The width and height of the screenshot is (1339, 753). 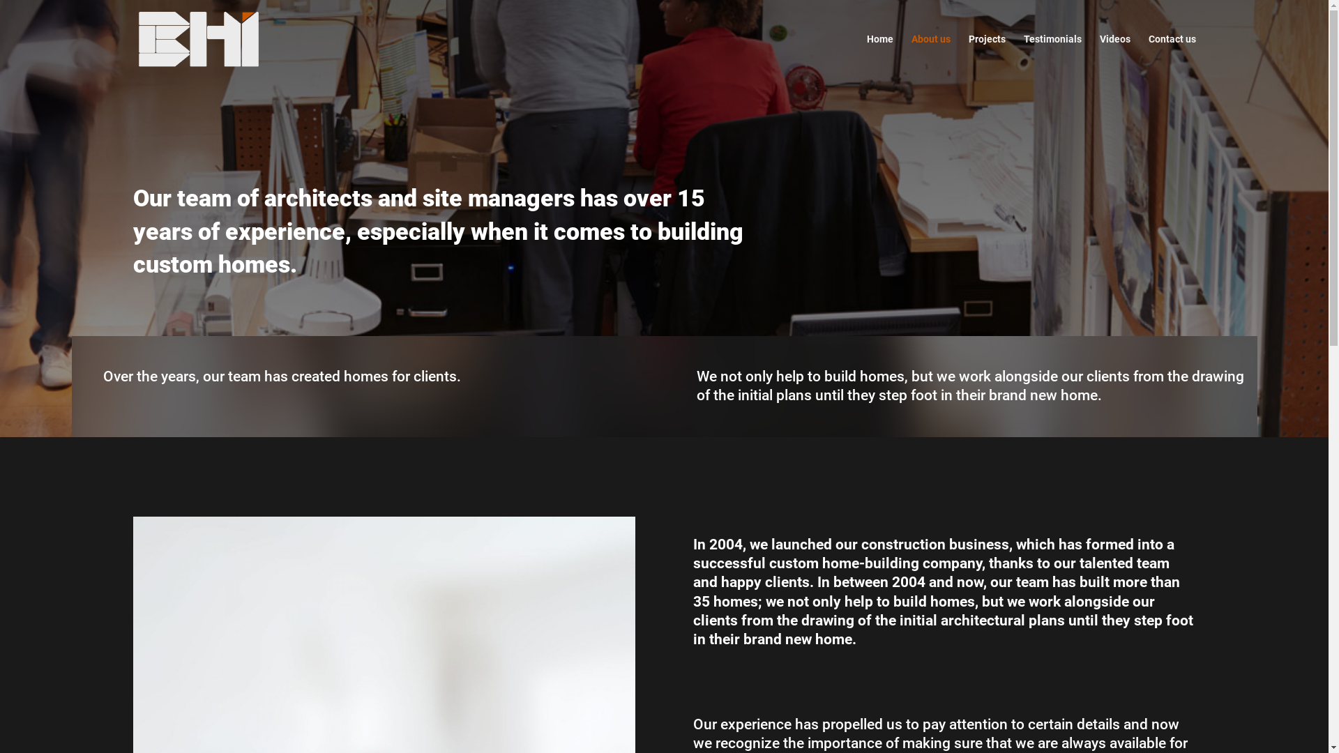 I want to click on 'Testimonials', so click(x=1052, y=55).